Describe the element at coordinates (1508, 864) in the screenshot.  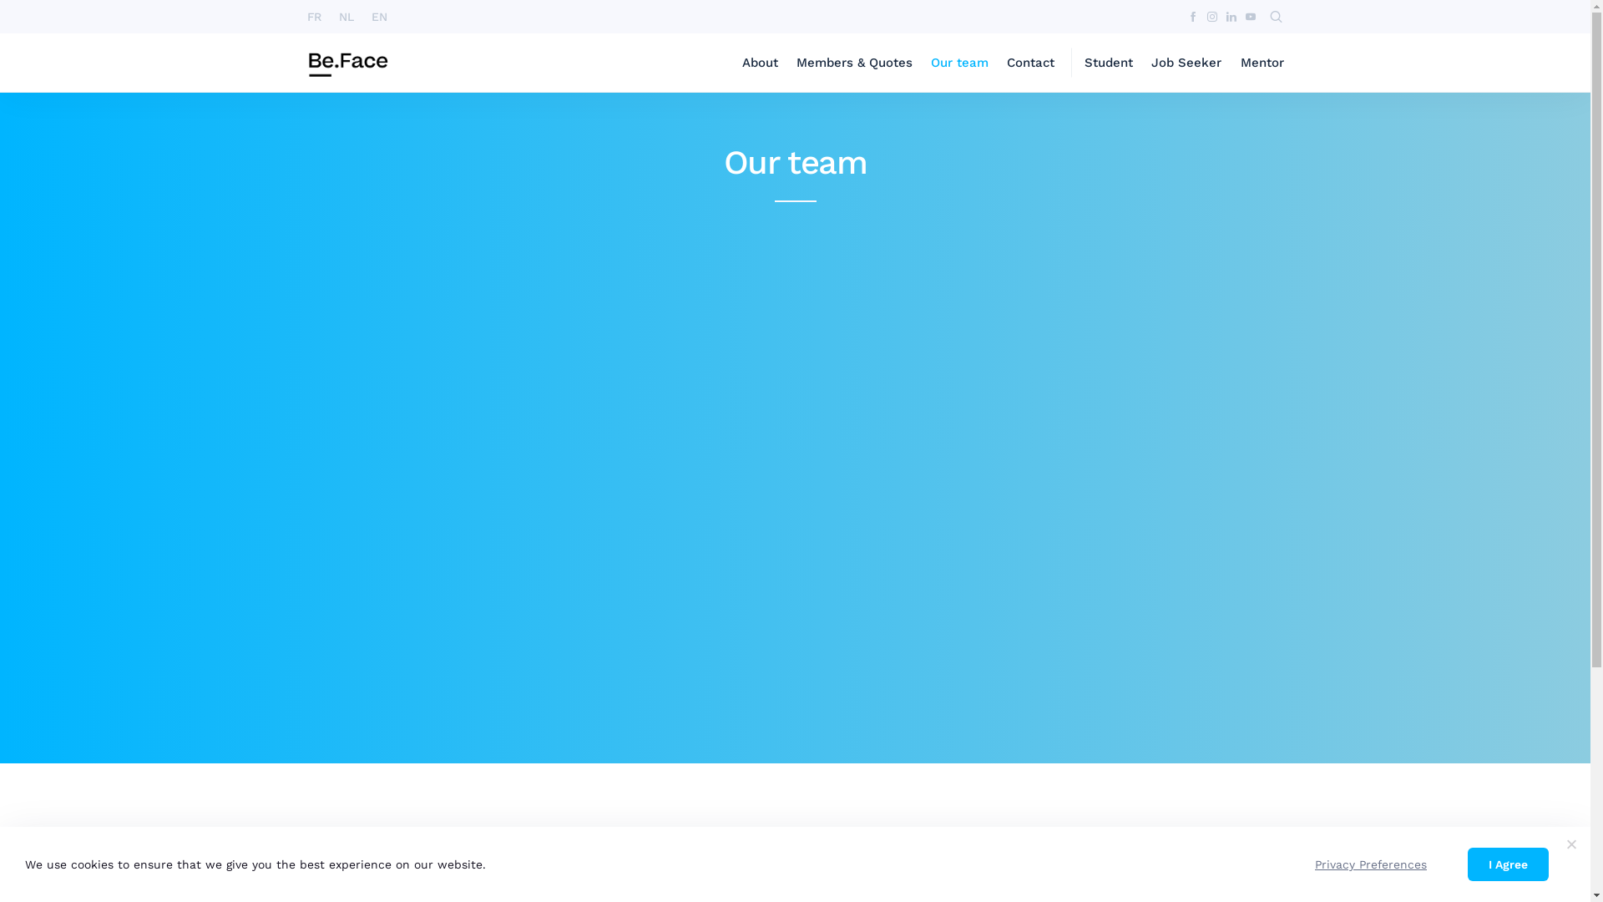
I see `'I Agree'` at that location.